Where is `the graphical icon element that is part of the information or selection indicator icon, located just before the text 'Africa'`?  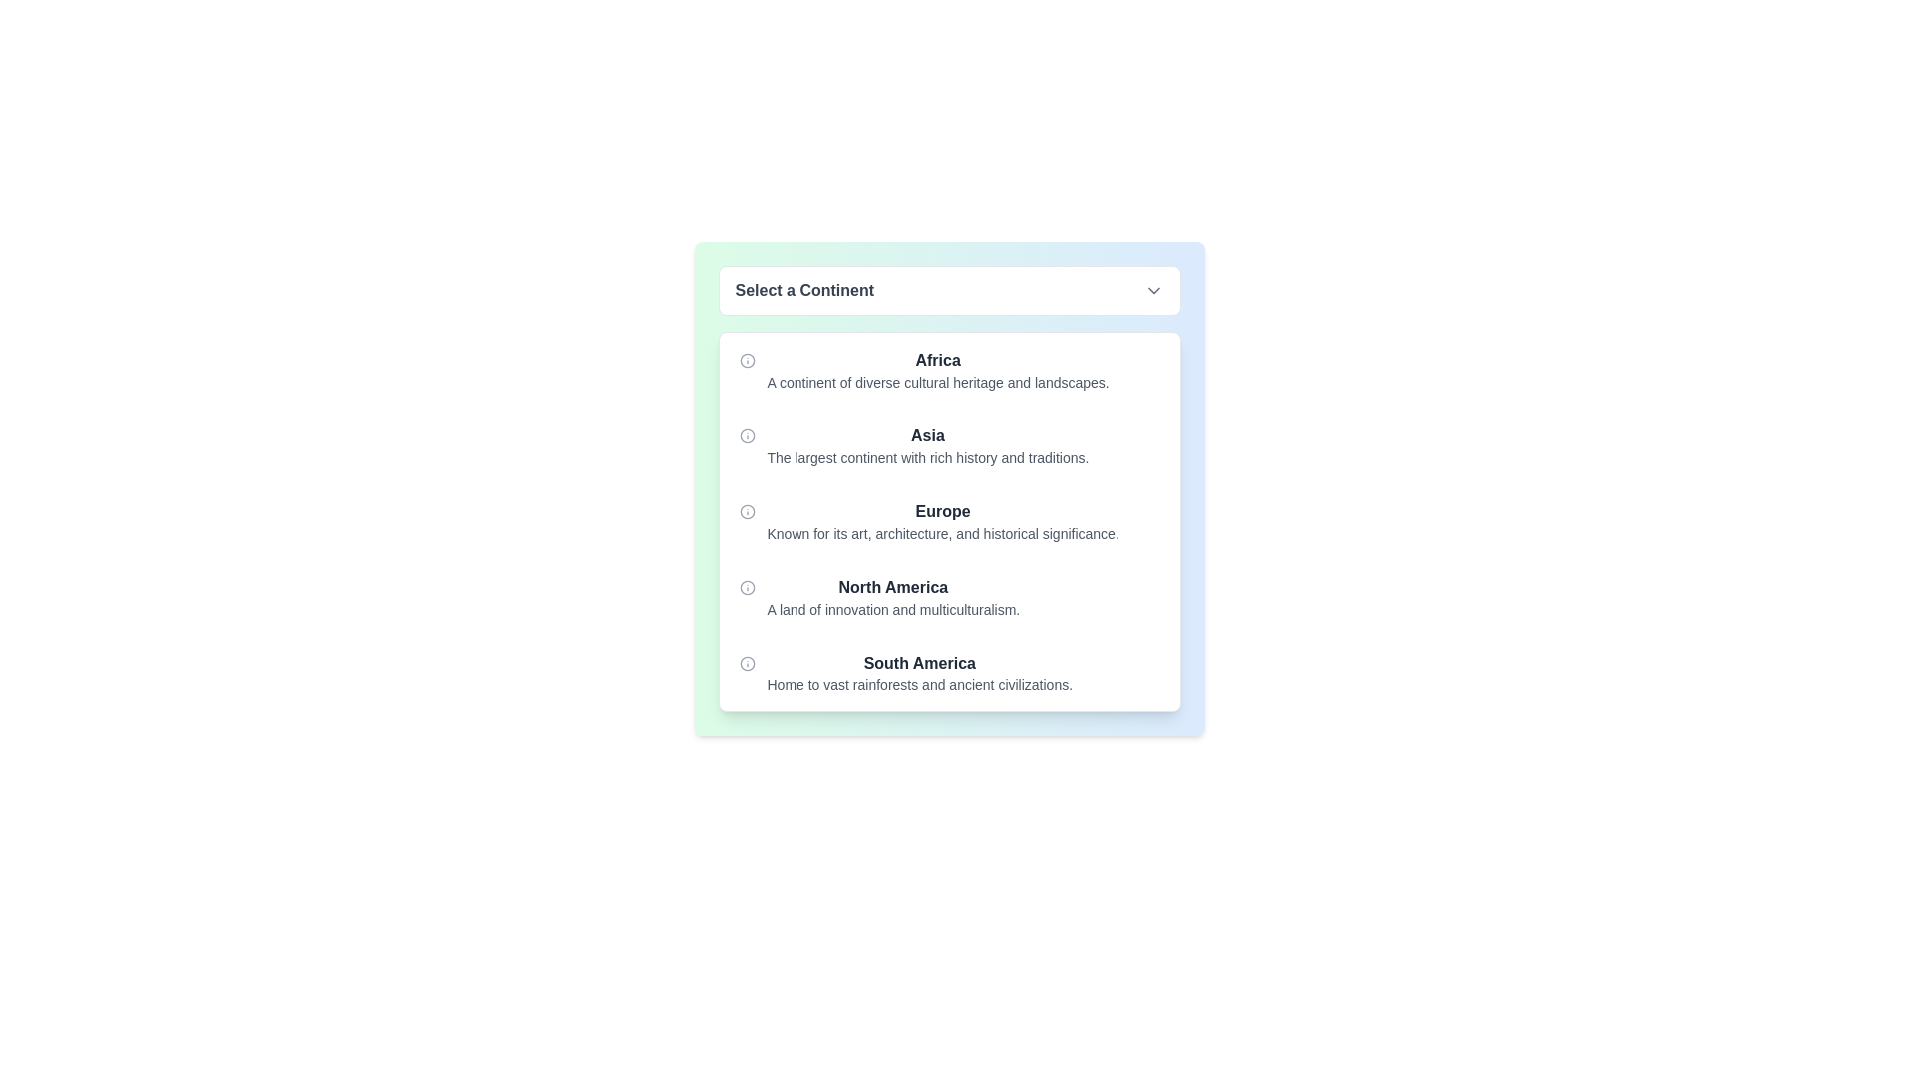
the graphical icon element that is part of the information or selection indicator icon, located just before the text 'Africa' is located at coordinates (746, 361).